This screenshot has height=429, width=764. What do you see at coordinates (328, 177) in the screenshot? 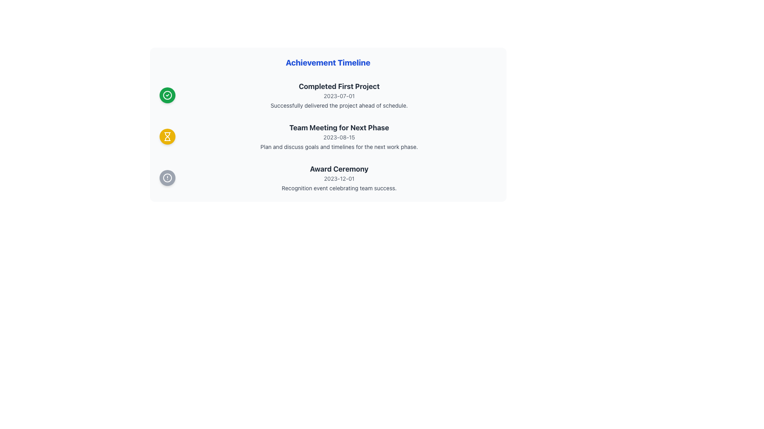
I see `information displayed in the Event Entry Block titled 'Award Ceremony', which includes the date '2023-12-01' and the description 'Recognition event celebrating team success.'` at bounding box center [328, 177].